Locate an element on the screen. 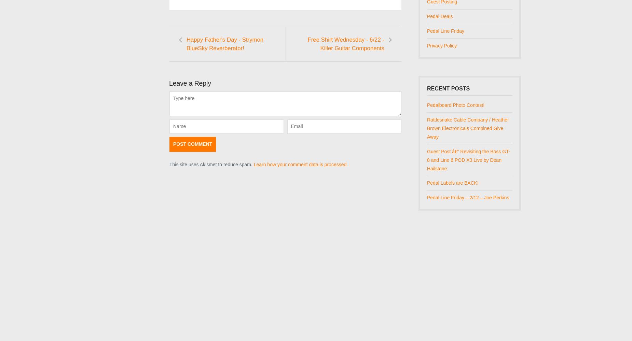  'Privacy Policy' is located at coordinates (441, 45).